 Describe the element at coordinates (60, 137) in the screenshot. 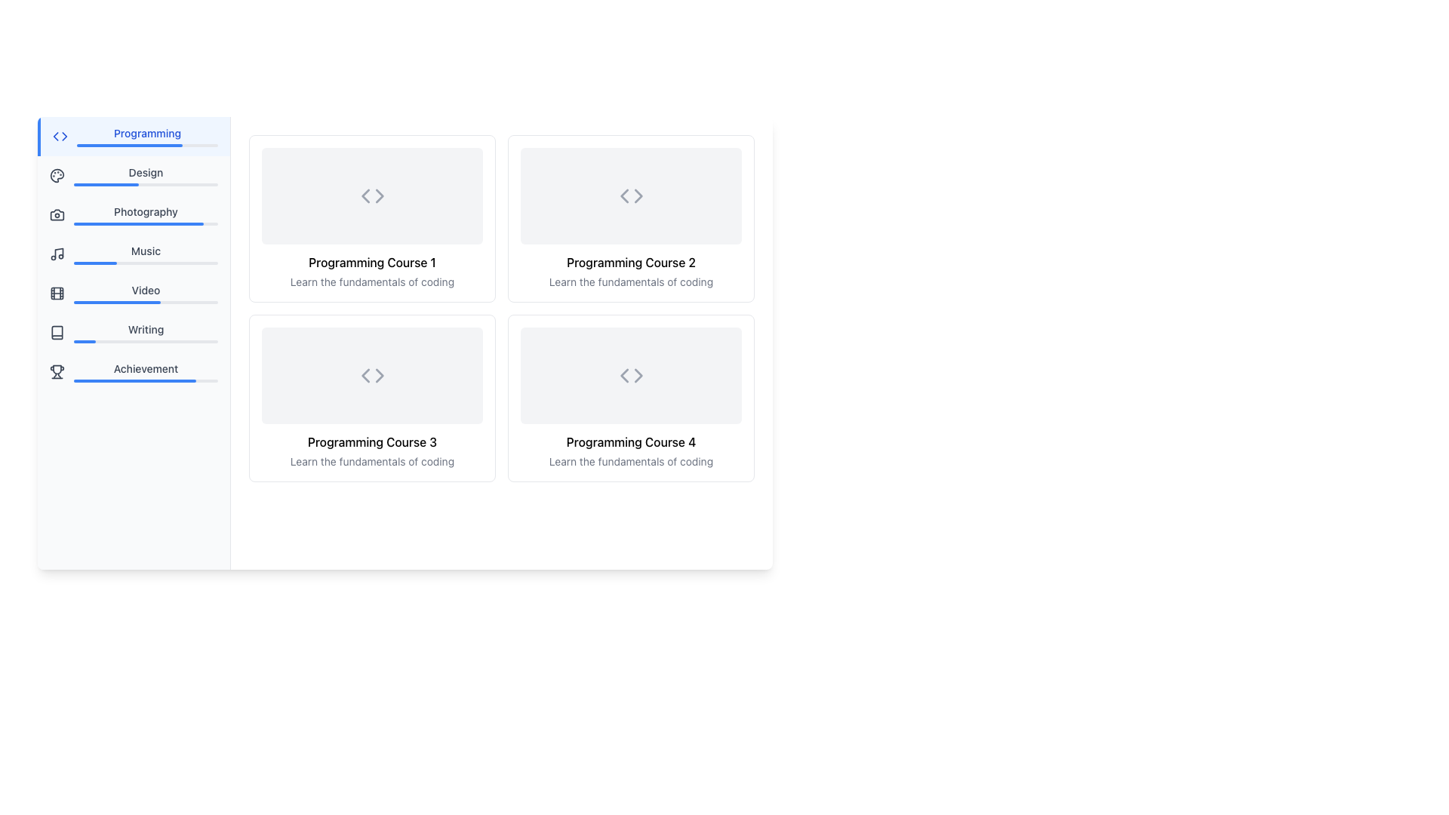

I see `the SVG icon representing coding symbols located in the navigation sidebar, positioned to the left of the 'Programming' text` at that location.